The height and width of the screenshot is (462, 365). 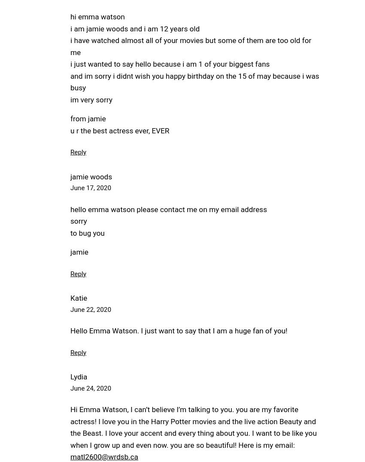 What do you see at coordinates (90, 309) in the screenshot?
I see `'June 22, 2020'` at bounding box center [90, 309].